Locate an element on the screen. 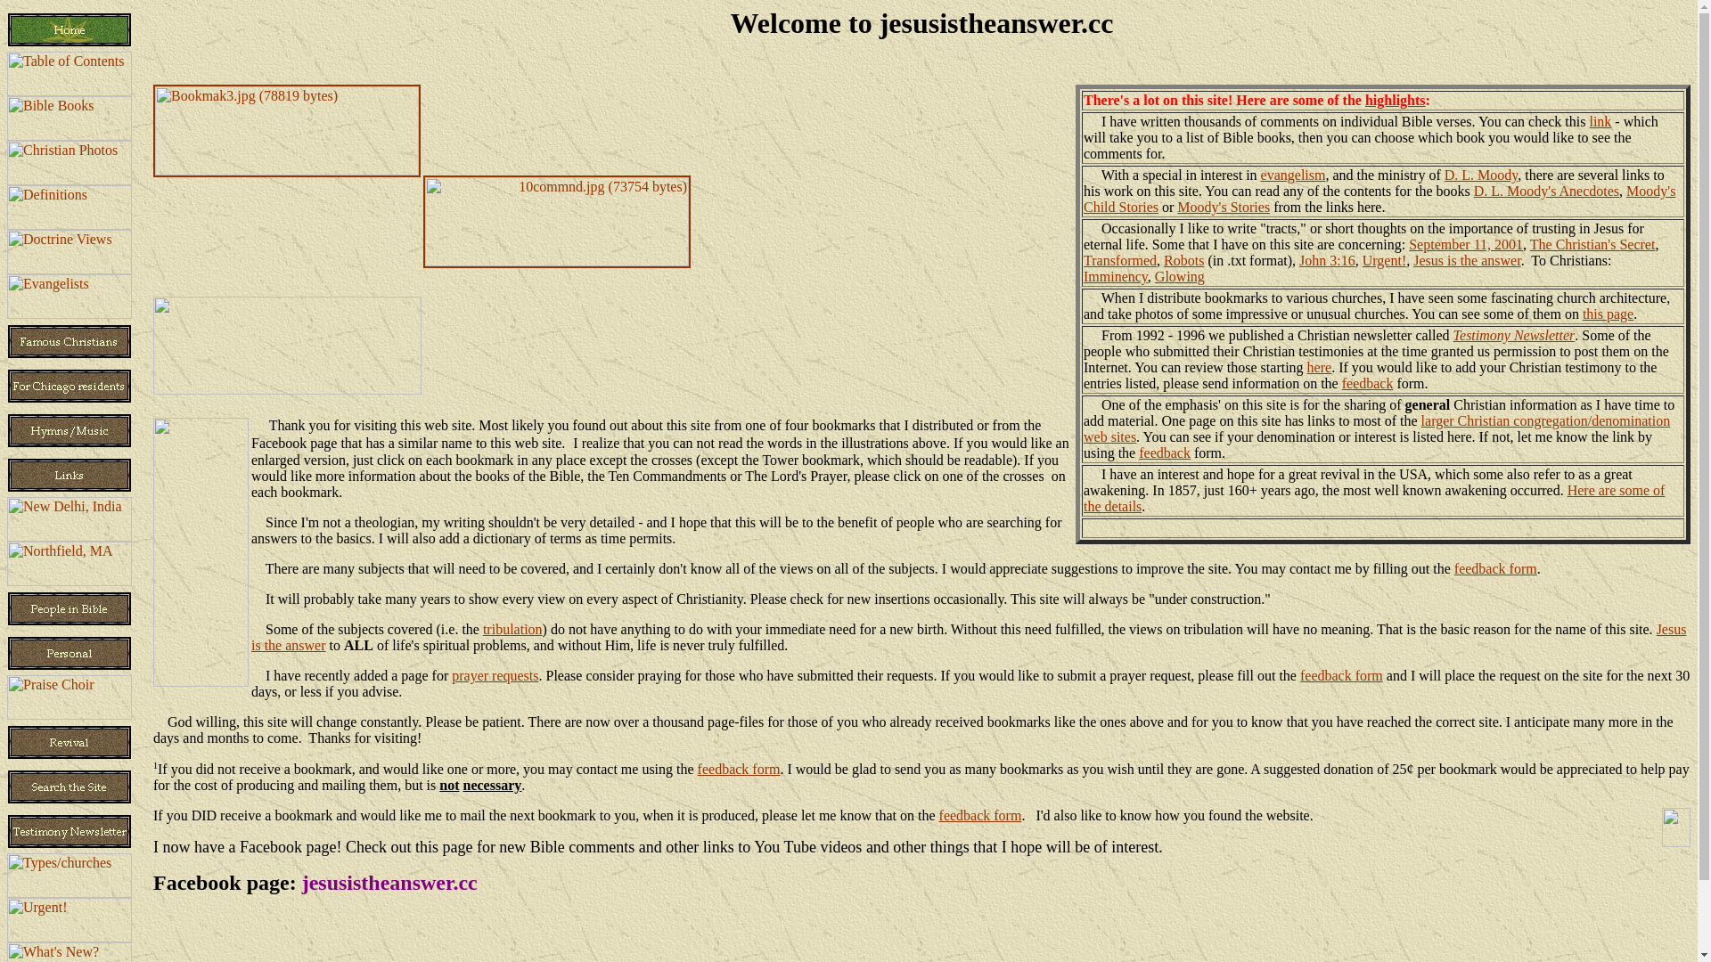 The height and width of the screenshot is (962, 1711). 'larger Christian congregation/denomination web sites' is located at coordinates (1376, 428).